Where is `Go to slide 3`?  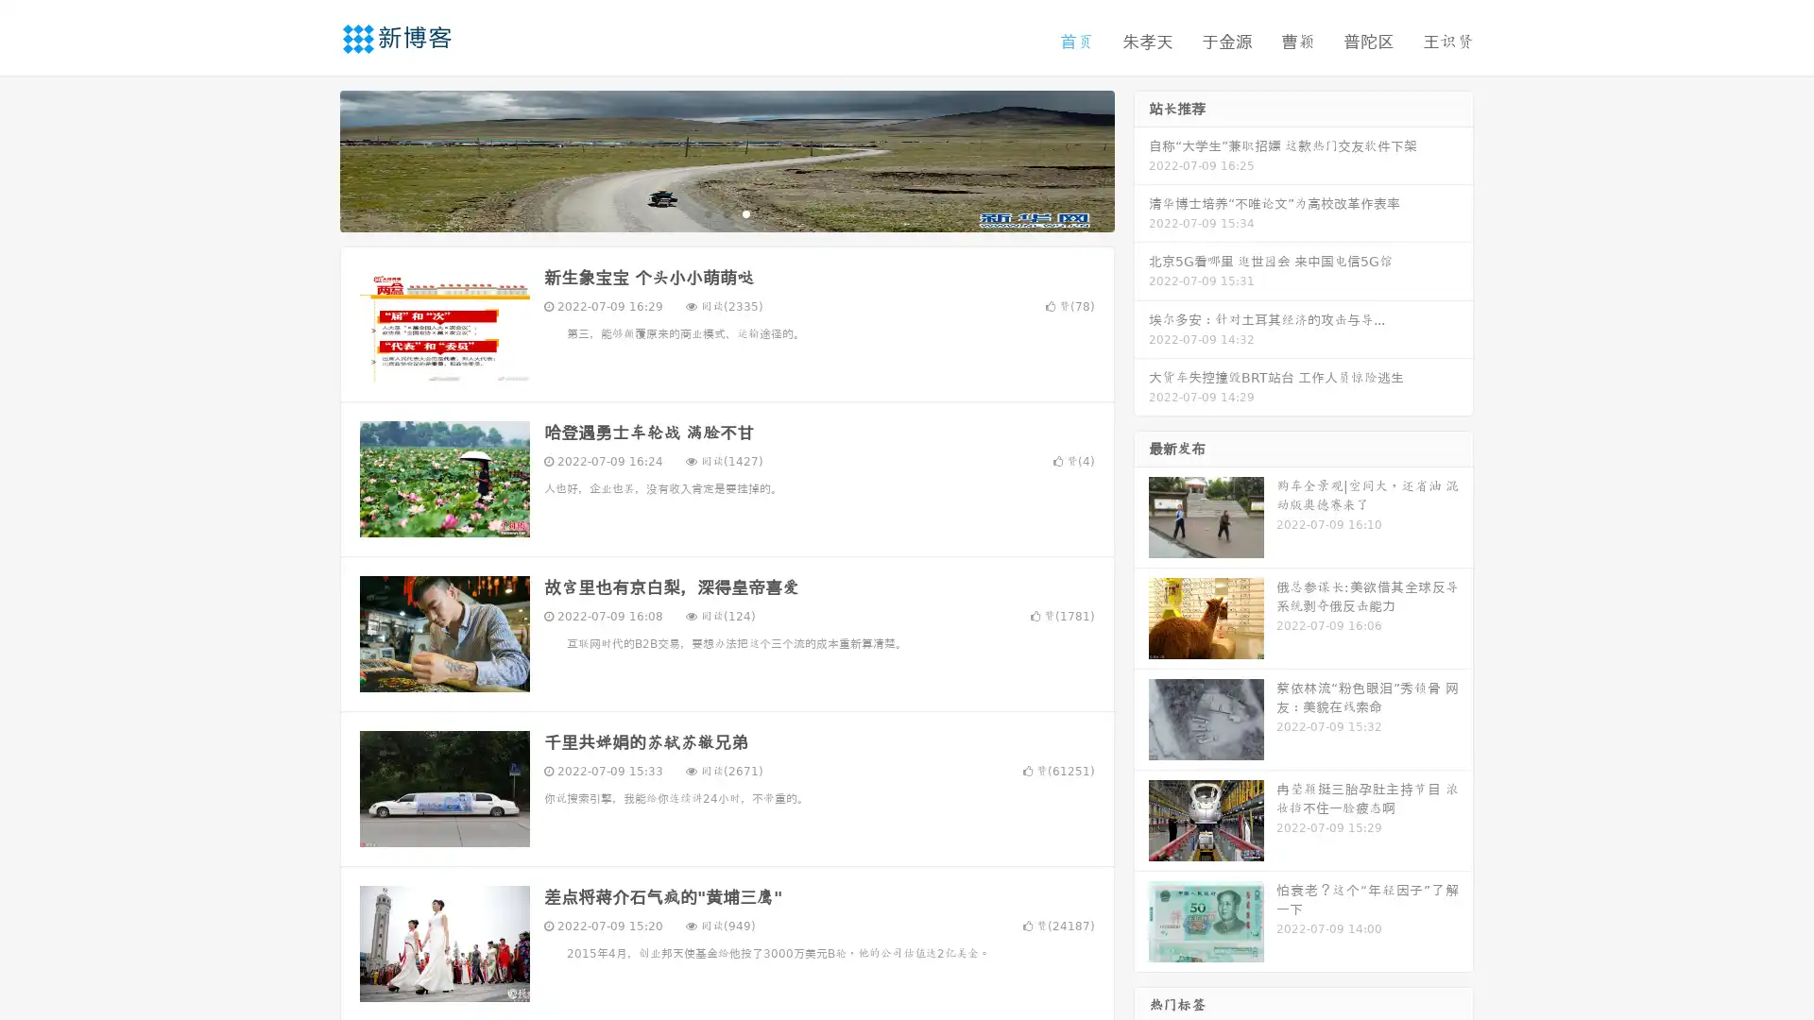
Go to slide 3 is located at coordinates (745, 212).